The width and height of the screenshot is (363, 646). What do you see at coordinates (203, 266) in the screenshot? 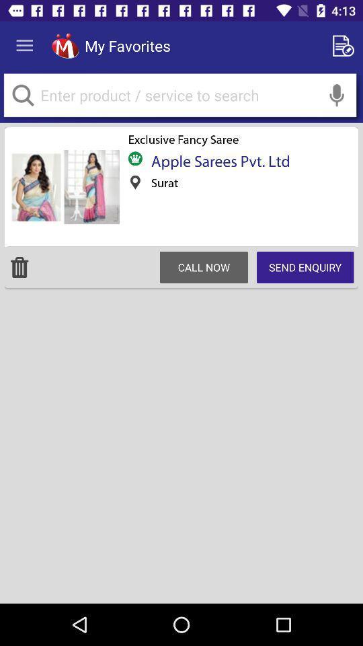
I see `call now item` at bounding box center [203, 266].